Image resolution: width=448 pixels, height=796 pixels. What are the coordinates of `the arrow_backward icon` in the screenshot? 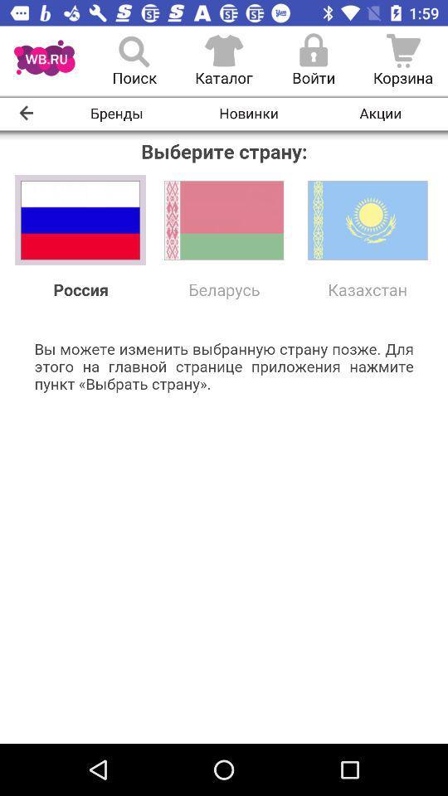 It's located at (25, 112).